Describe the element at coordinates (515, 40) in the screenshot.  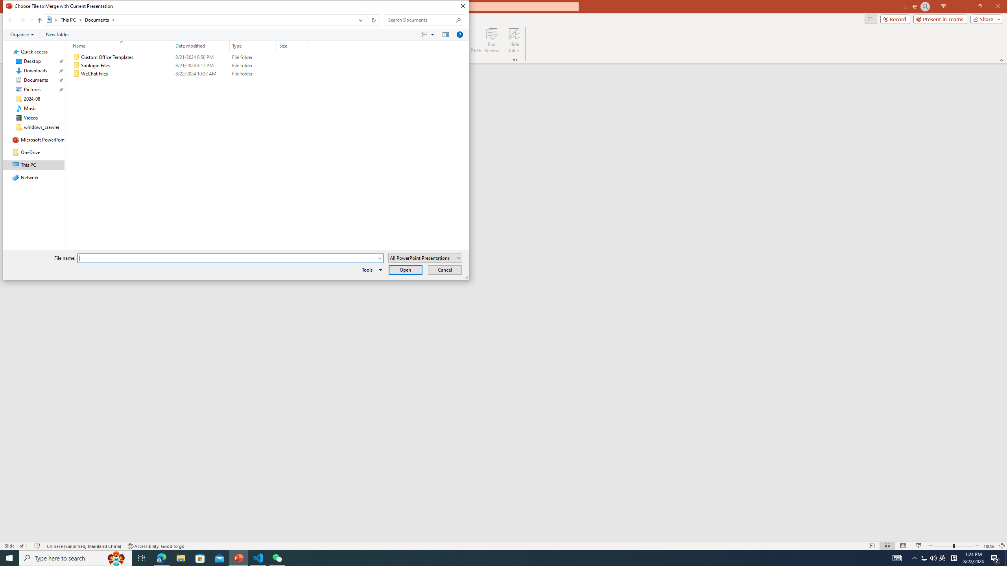
I see `'Hide Ink'` at that location.